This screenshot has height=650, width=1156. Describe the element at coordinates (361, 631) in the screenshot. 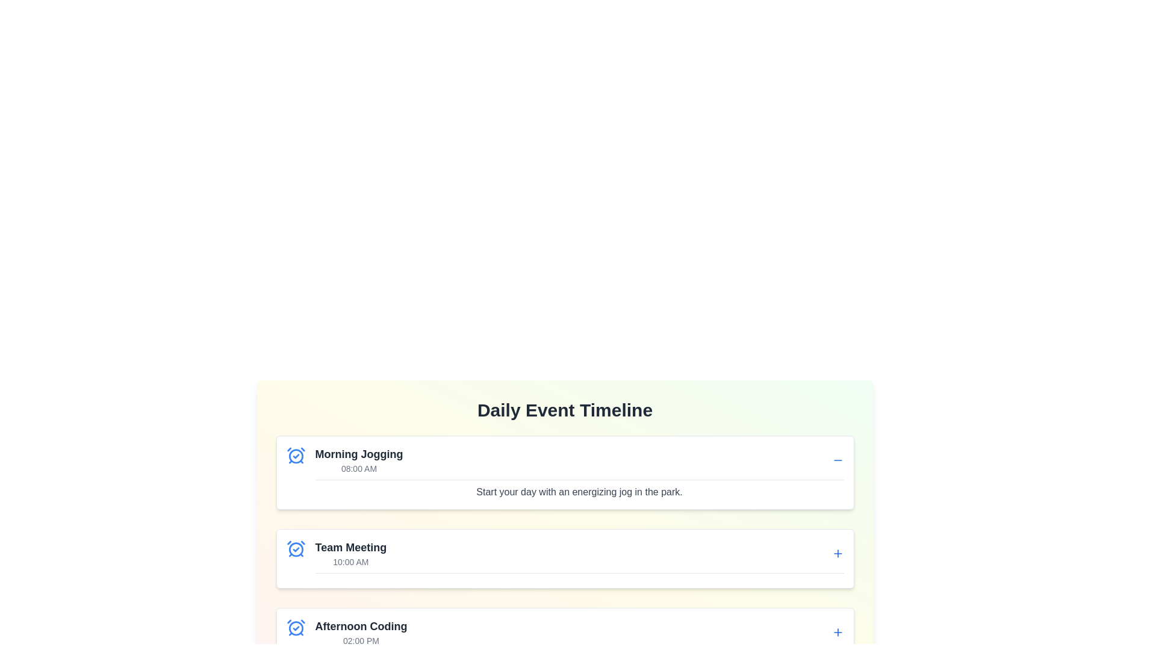

I see `the Event schedule entry that displays 'Afternoon Coding' in bold and '02:00 PM' in smaller gray font, located under the 'Daily Event Timeline' header` at that location.